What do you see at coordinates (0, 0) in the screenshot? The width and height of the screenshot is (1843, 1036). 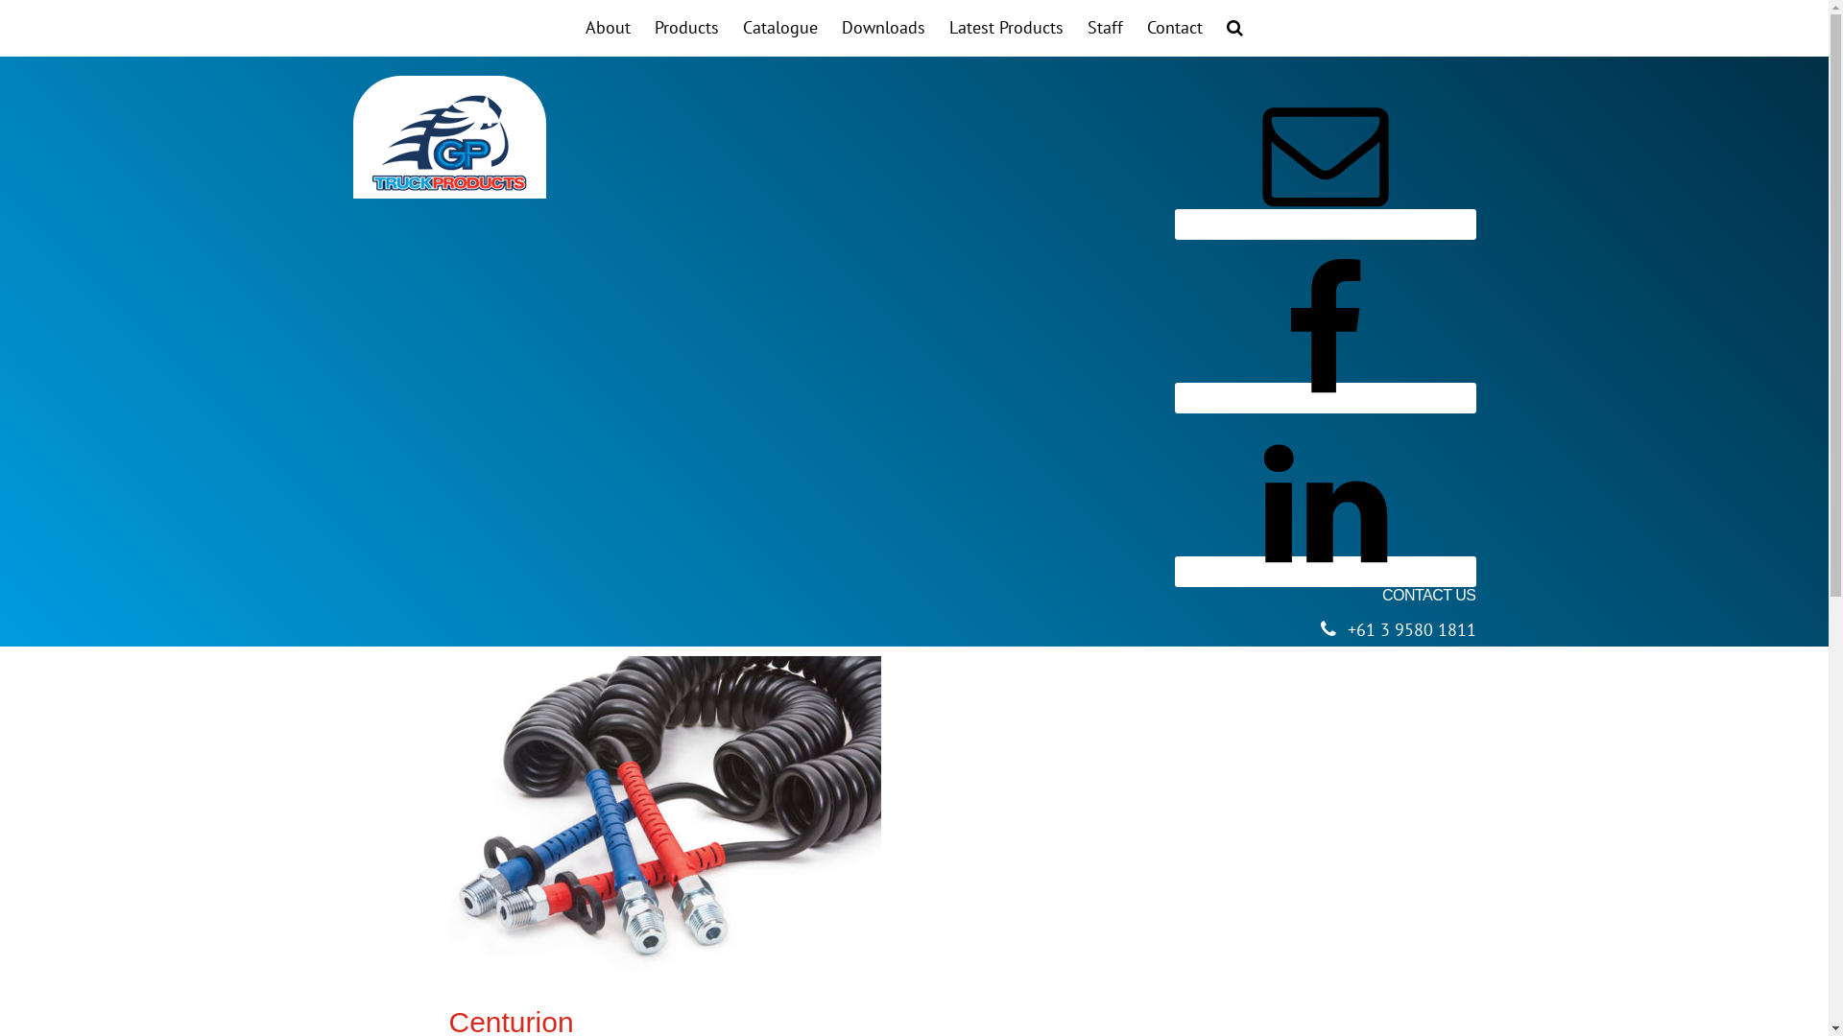 I see `'Skip to primary navigation'` at bounding box center [0, 0].